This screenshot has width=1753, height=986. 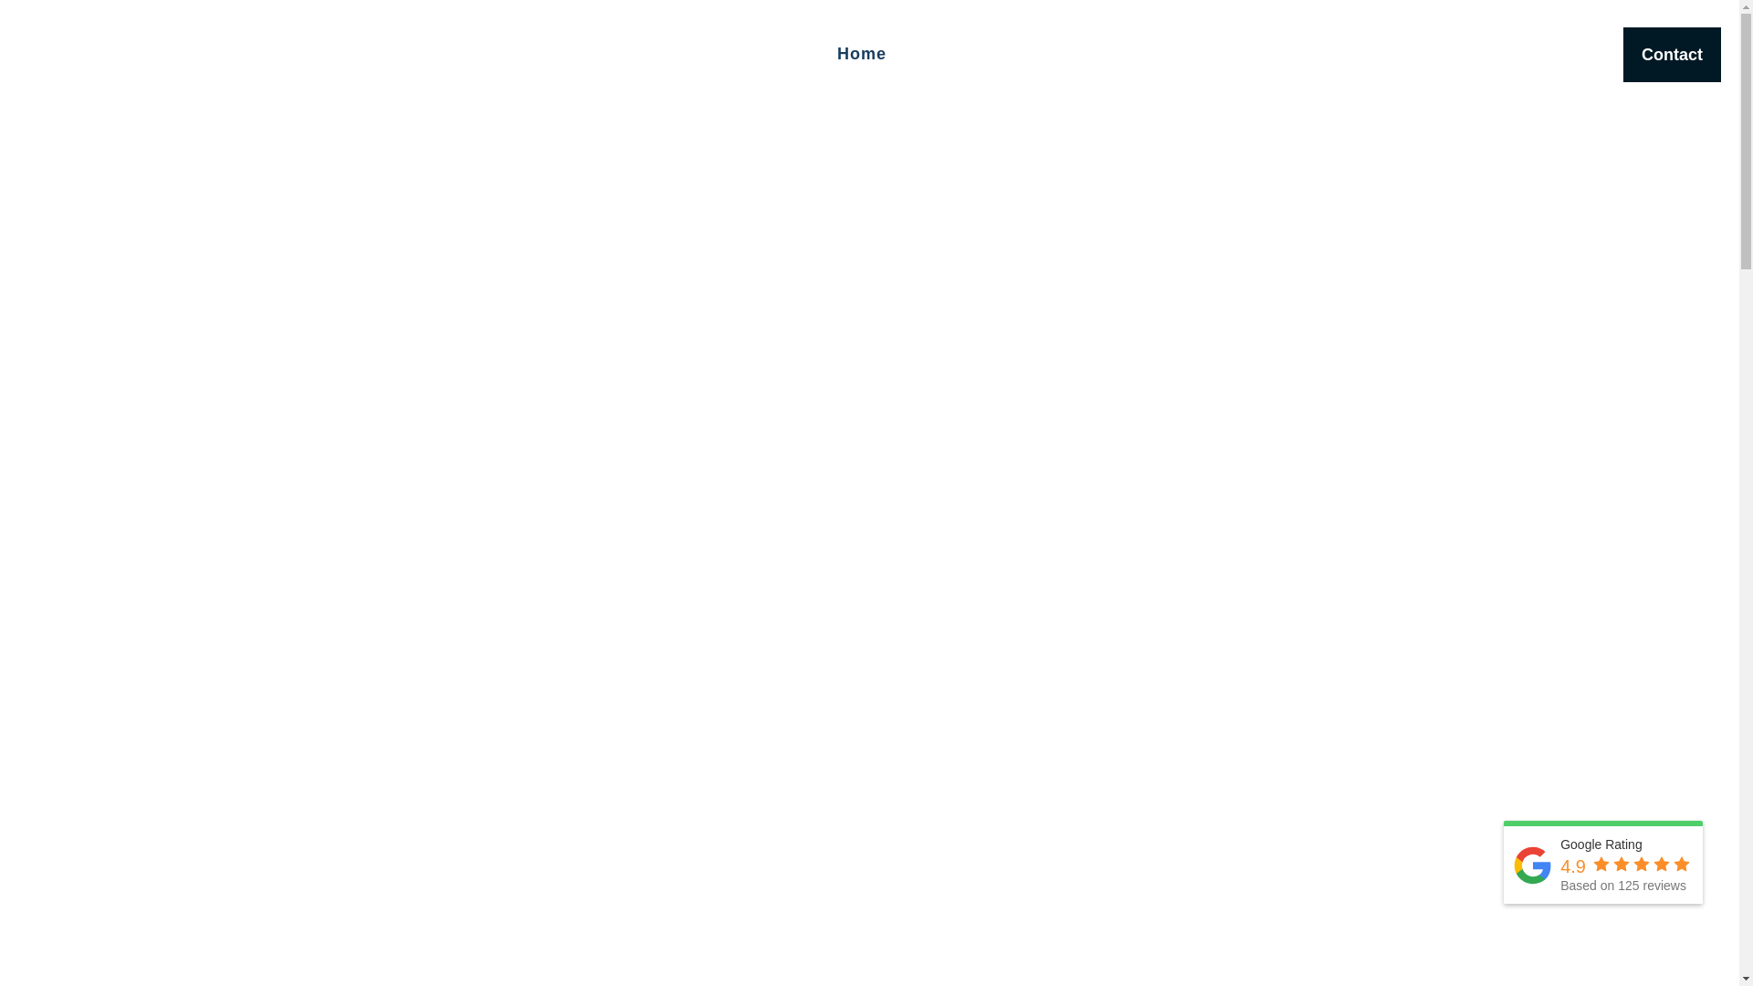 What do you see at coordinates (1052, 54) in the screenshot?
I see `'Conditions'` at bounding box center [1052, 54].